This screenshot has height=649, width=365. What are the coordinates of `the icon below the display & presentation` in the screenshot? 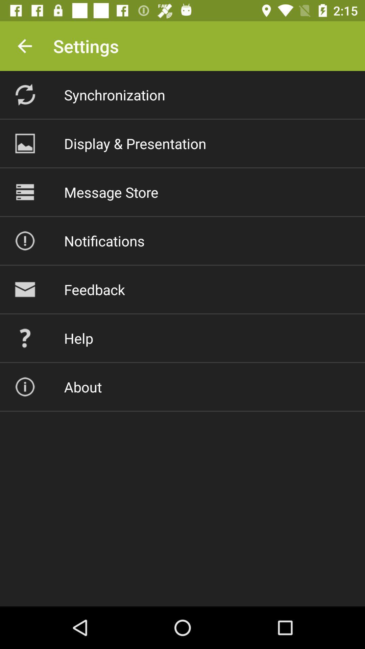 It's located at (111, 192).